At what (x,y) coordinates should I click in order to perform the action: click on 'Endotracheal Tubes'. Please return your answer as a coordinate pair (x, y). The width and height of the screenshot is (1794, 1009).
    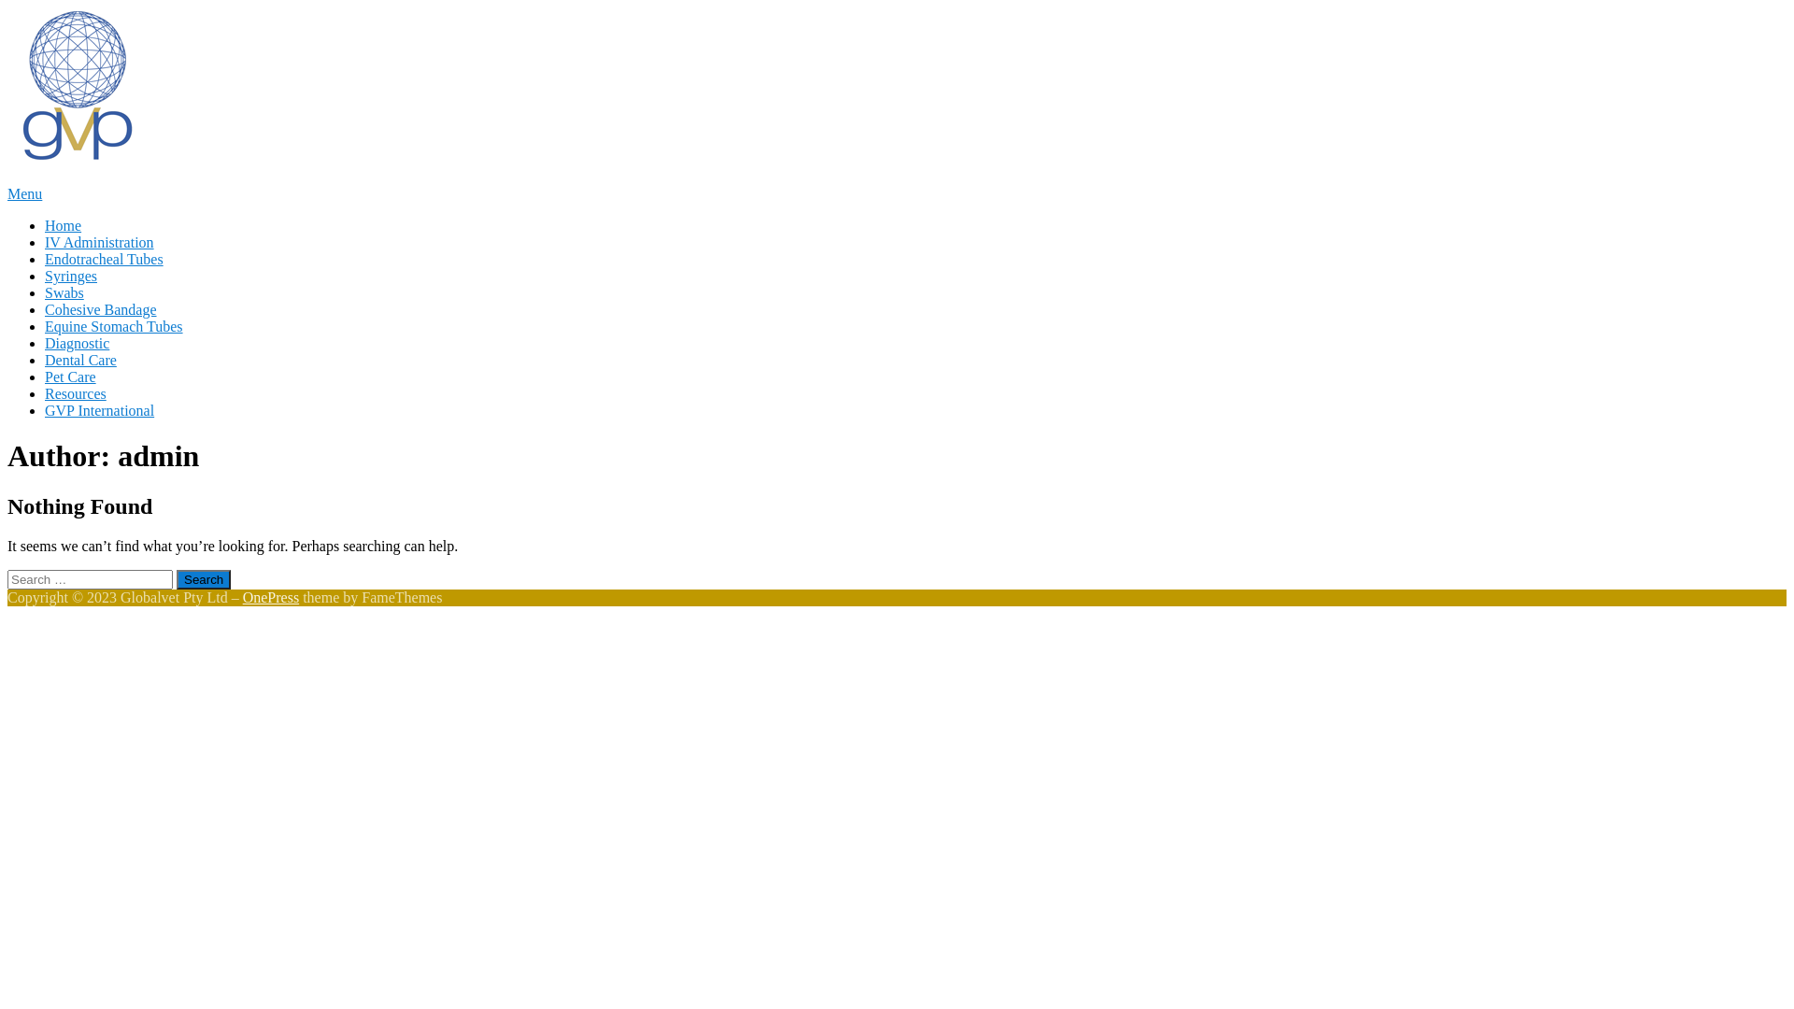
    Looking at the image, I should click on (103, 259).